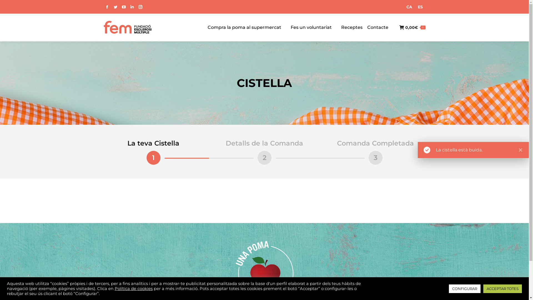  I want to click on 'ACCEPTAR TOTES', so click(502, 288).